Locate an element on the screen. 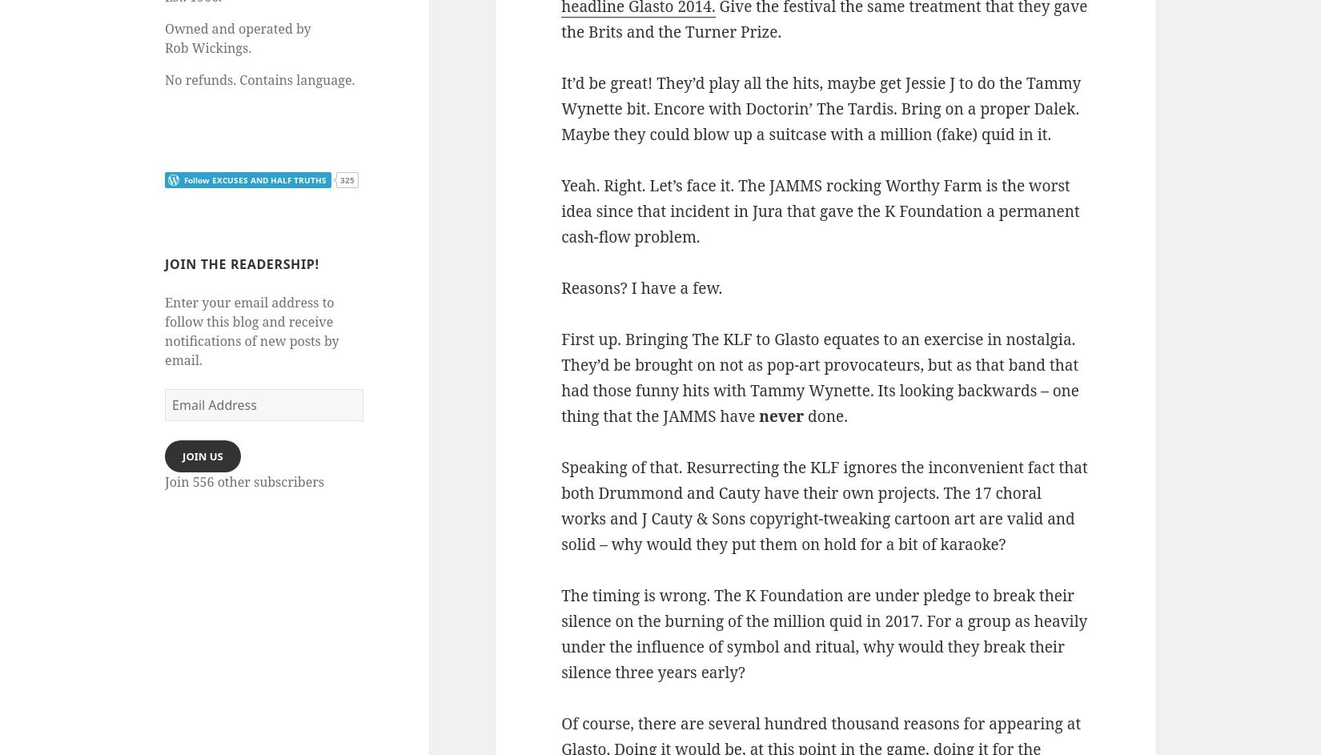 The height and width of the screenshot is (755, 1321). 'Yeah. Right. Let’s face it. The JAMMS rocking Worthy Farm is the worst idea since that incident in Jura that gave the K Foundation a permanent cash-flow problem.' is located at coordinates (820, 211).